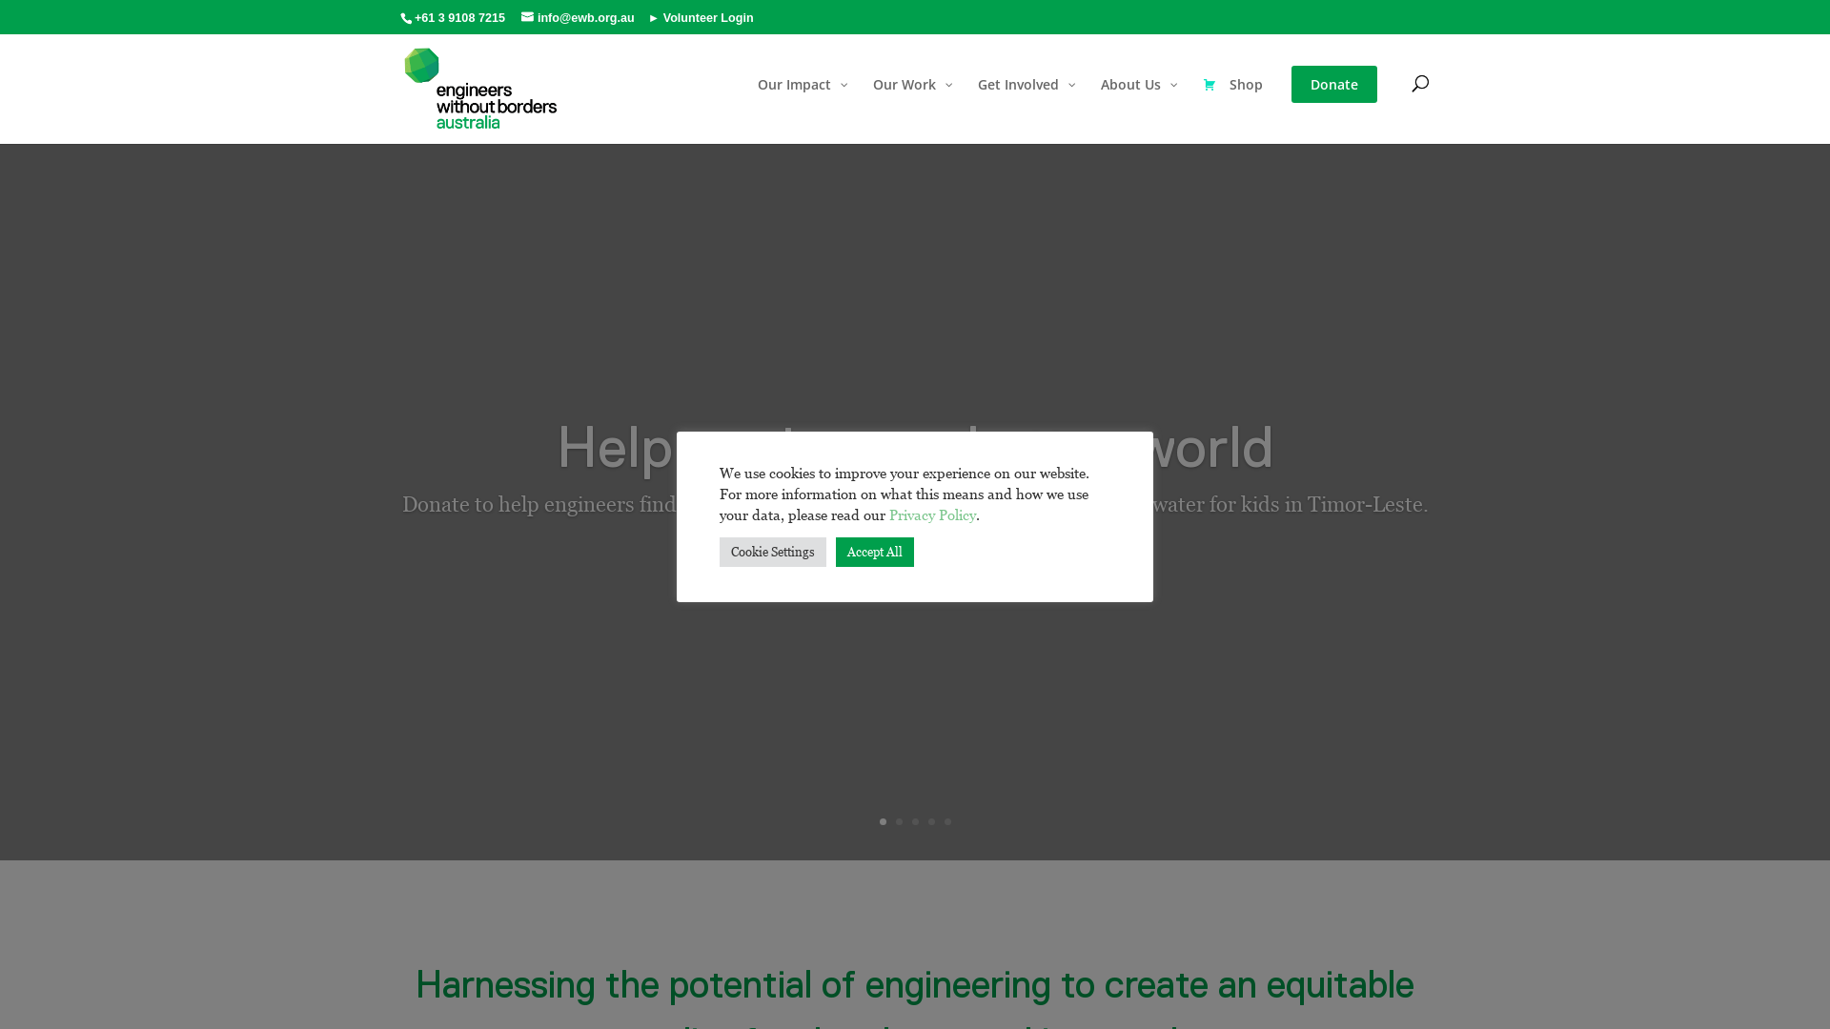 The height and width of the screenshot is (1029, 1830). I want to click on 'Our Work', so click(858, 105).